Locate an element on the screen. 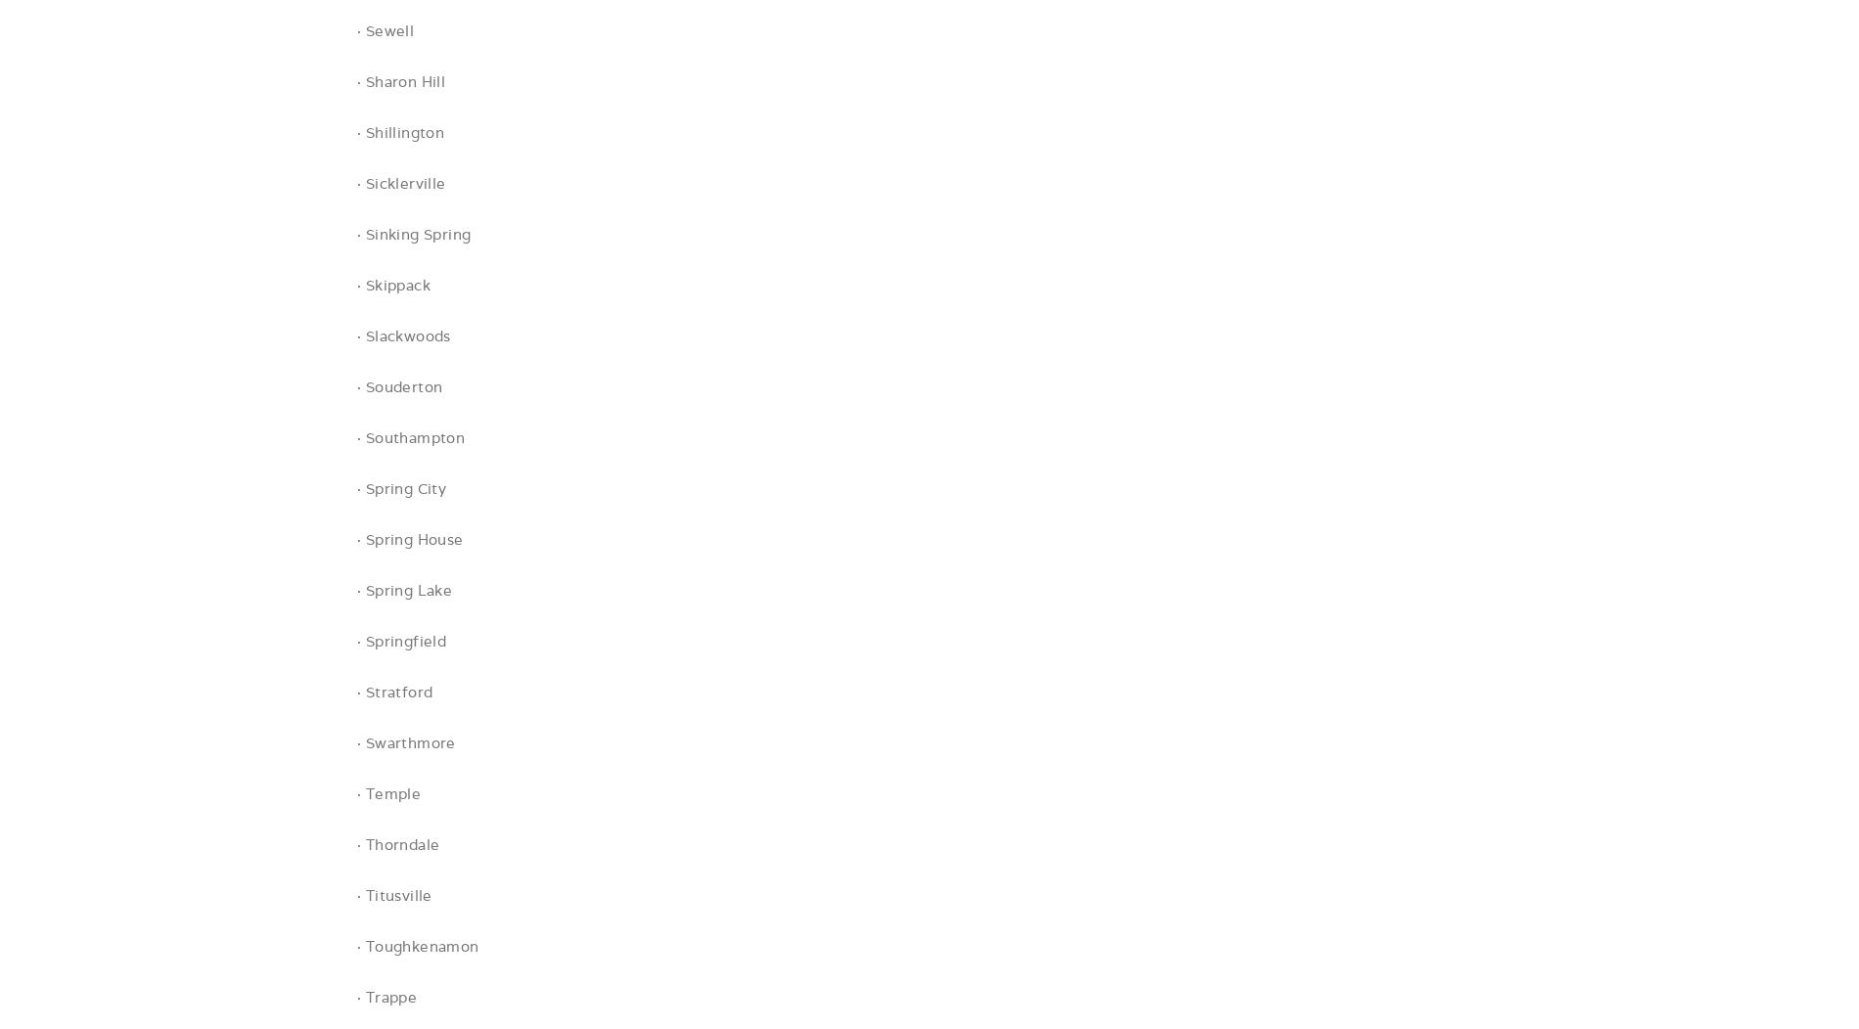 This screenshot has height=1029, width=1859. '· Trappe' is located at coordinates (385, 996).